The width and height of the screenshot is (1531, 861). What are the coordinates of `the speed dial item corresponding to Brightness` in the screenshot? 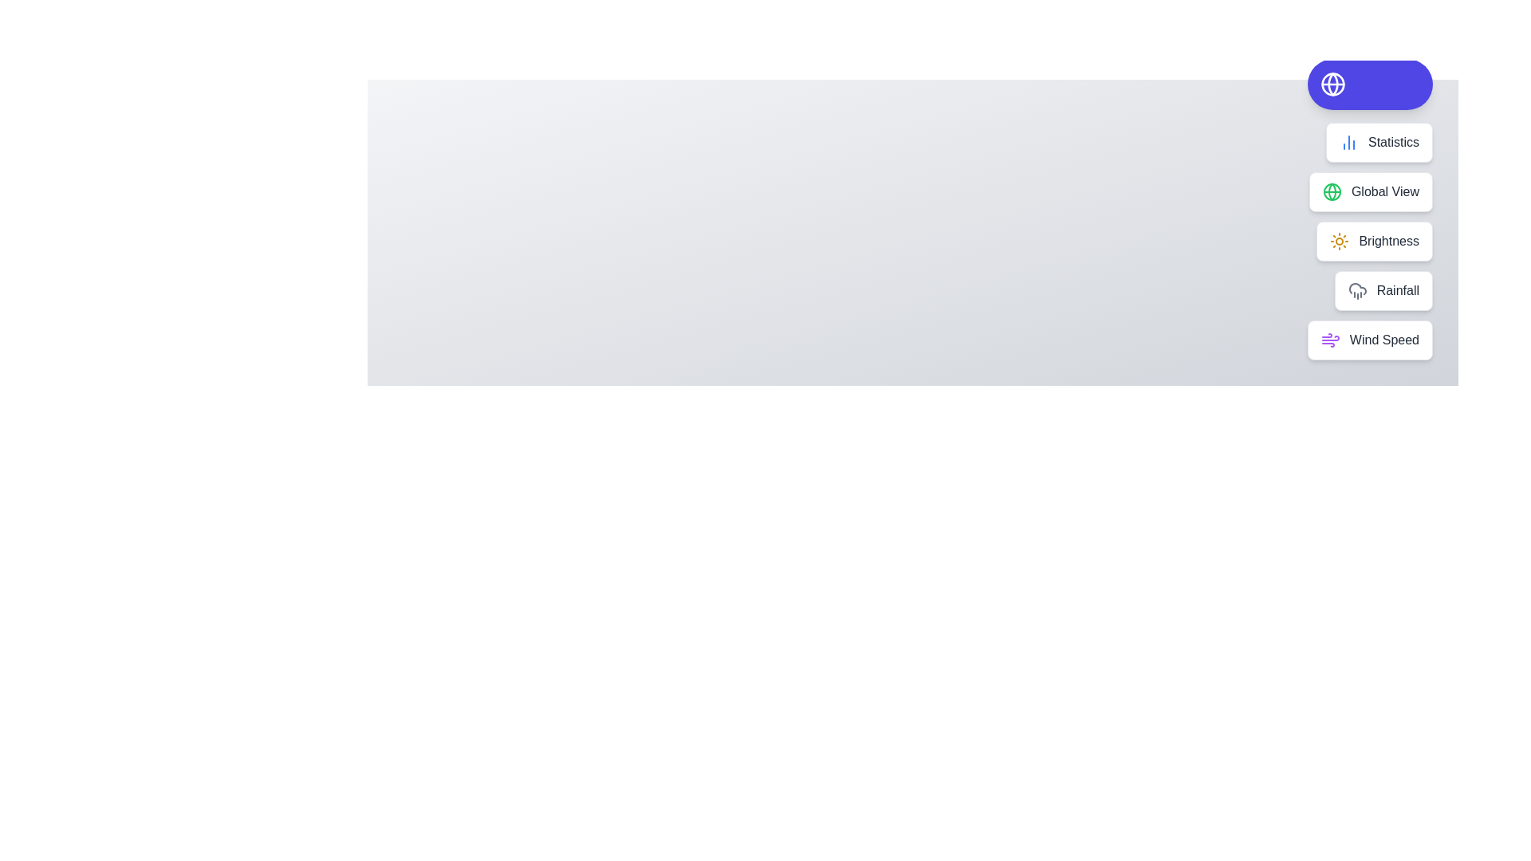 It's located at (1374, 242).